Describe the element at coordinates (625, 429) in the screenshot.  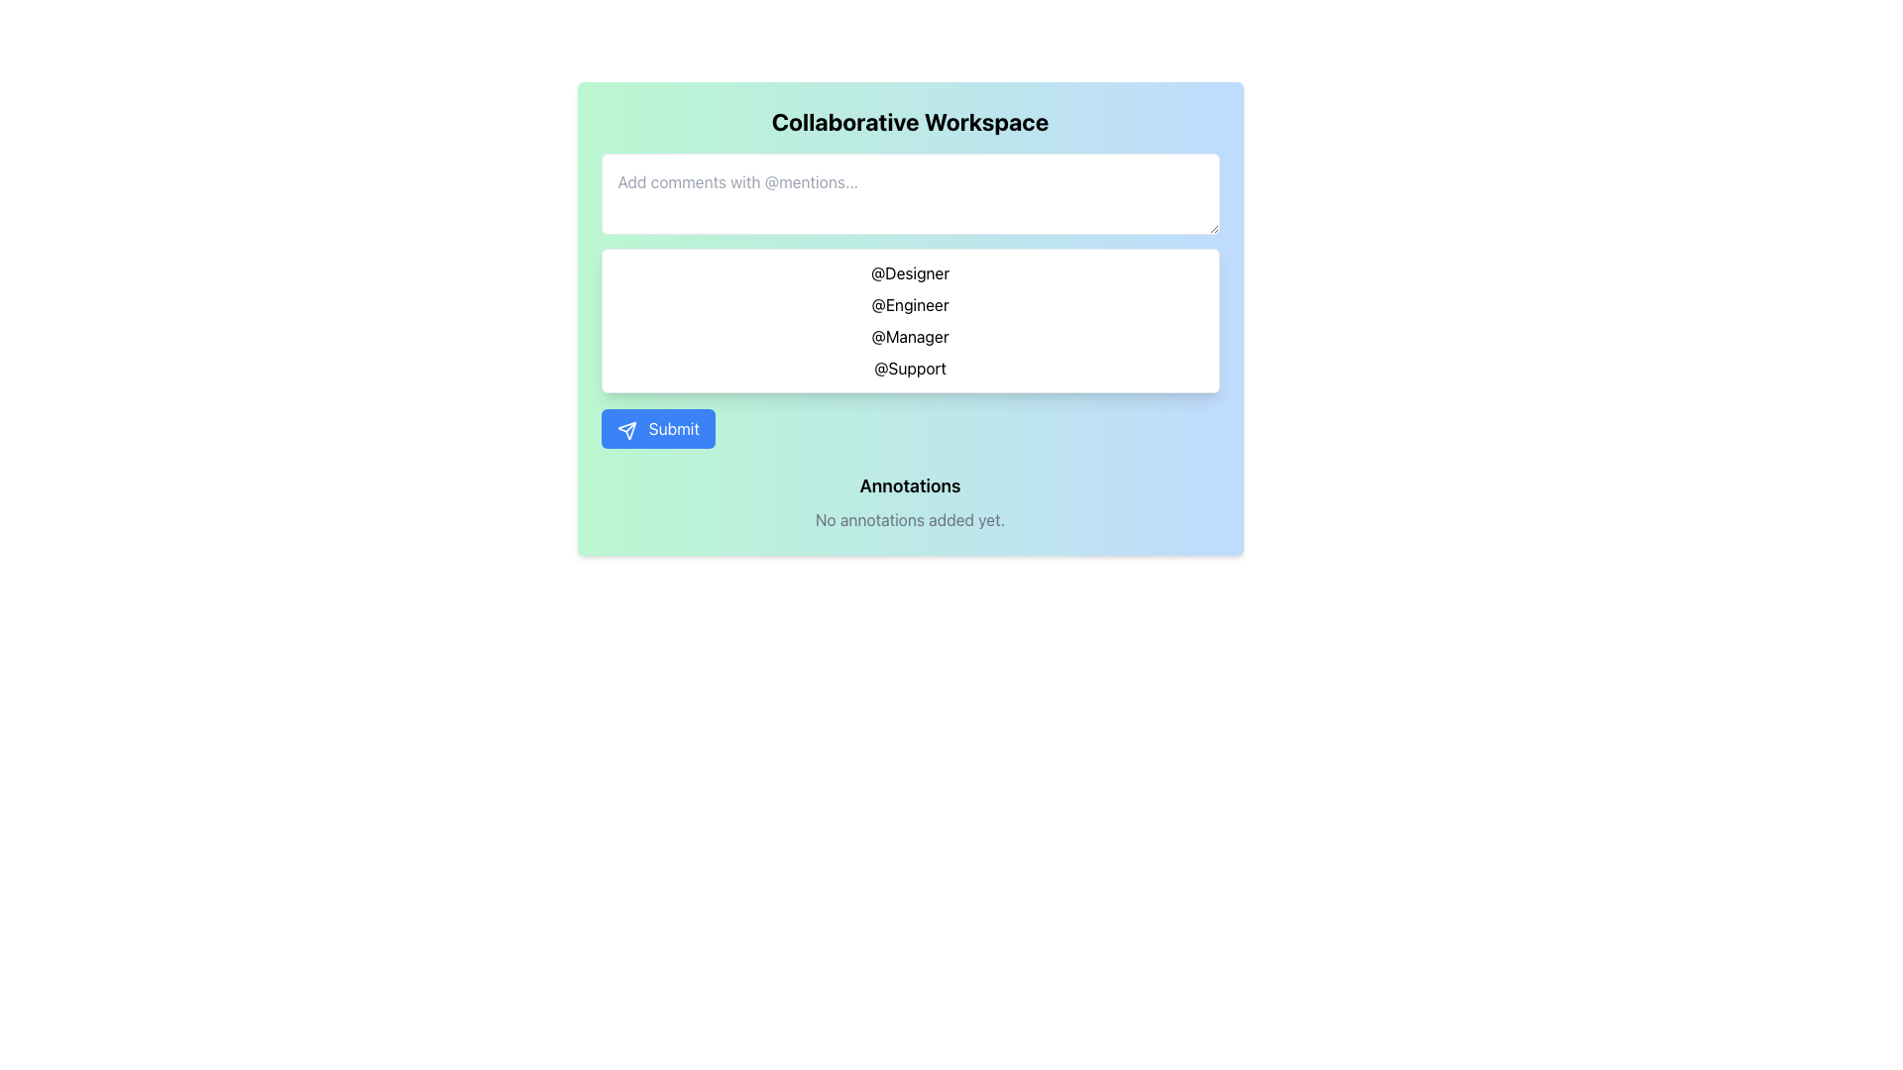
I see `the paper airplane icon located inside the blue rounded rectangular 'Submit' button, which is positioned at the bottom of the interface` at that location.